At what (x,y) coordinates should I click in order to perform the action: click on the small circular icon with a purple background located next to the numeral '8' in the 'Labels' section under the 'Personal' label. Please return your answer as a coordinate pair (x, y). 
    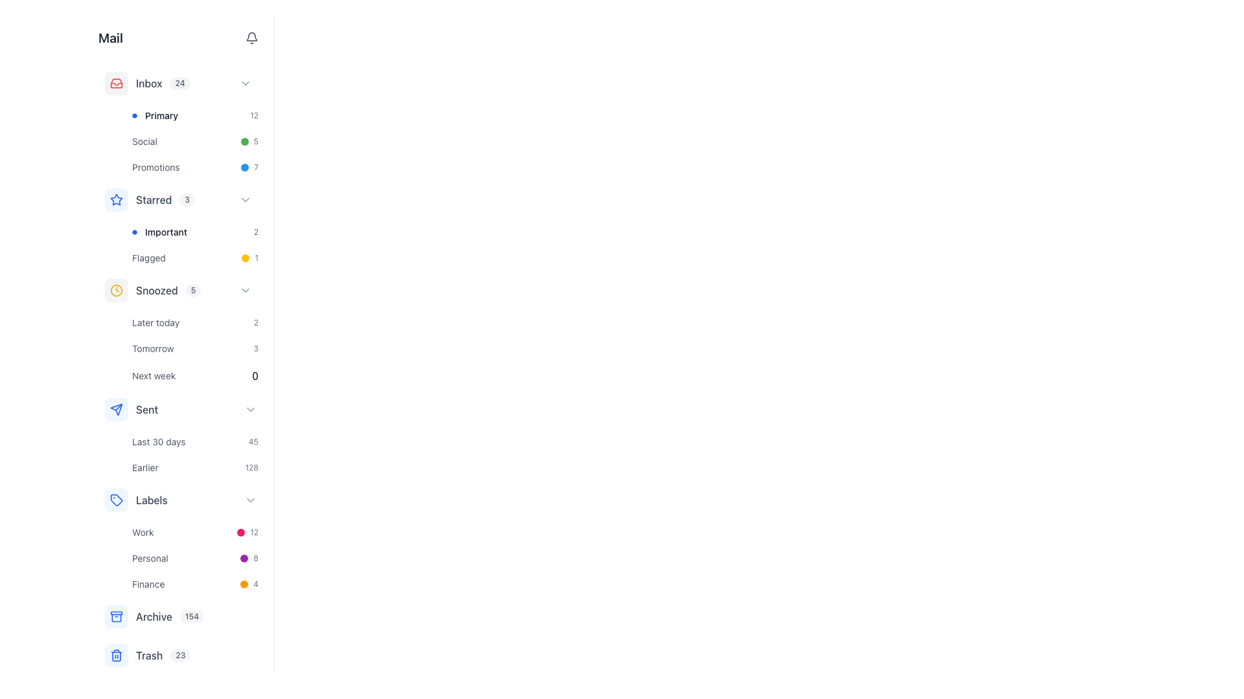
    Looking at the image, I should click on (244, 558).